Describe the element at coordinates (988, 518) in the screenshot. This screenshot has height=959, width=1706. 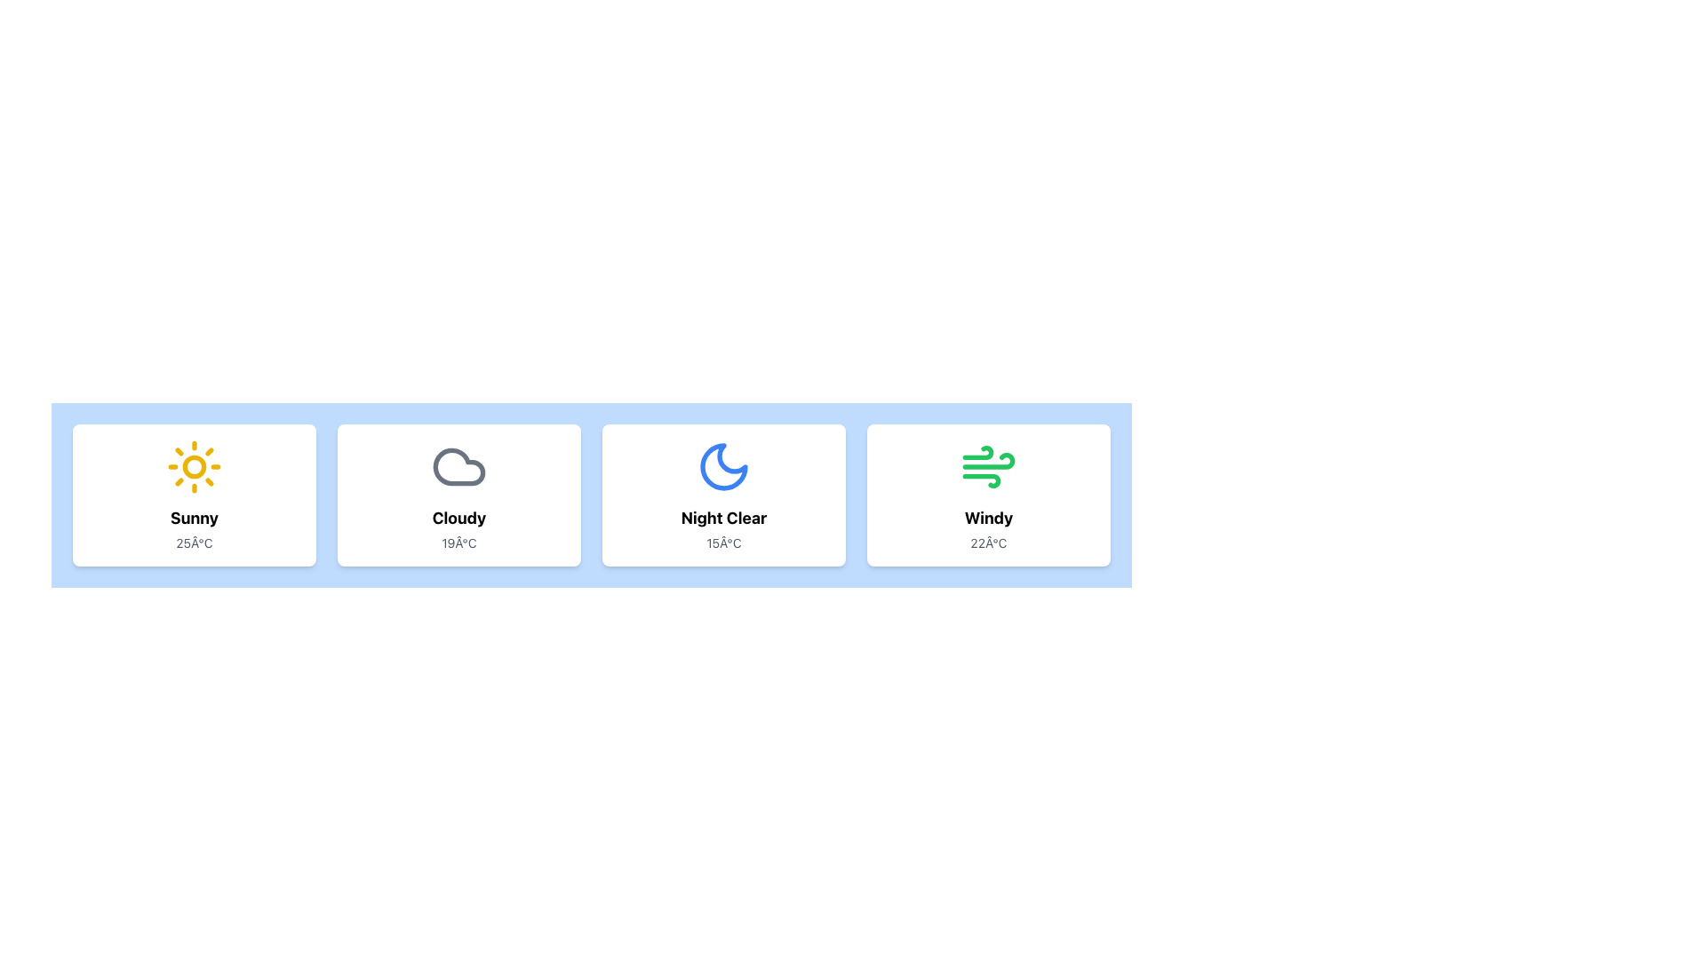
I see `the 'Windy' label located at the bottom-center of the fourth weather card in the horizontal grid` at that location.